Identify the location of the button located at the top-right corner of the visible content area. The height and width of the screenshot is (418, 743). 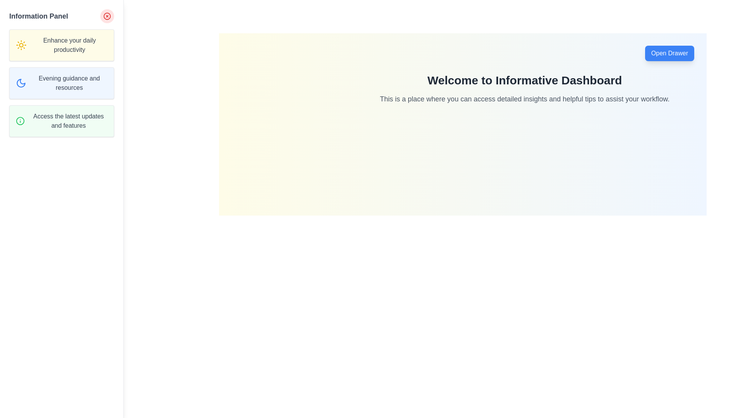
(669, 53).